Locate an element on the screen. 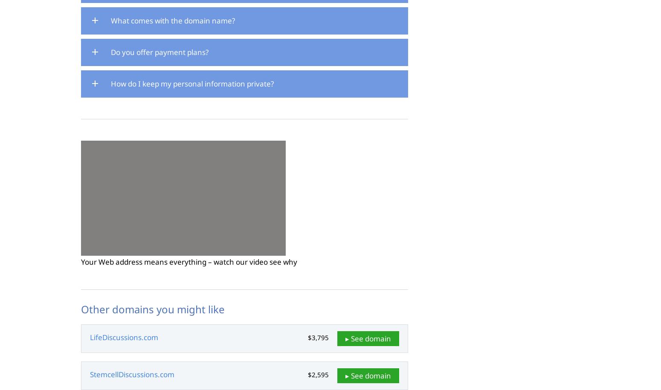  'How do I keep my personal information private?' is located at coordinates (110, 83).